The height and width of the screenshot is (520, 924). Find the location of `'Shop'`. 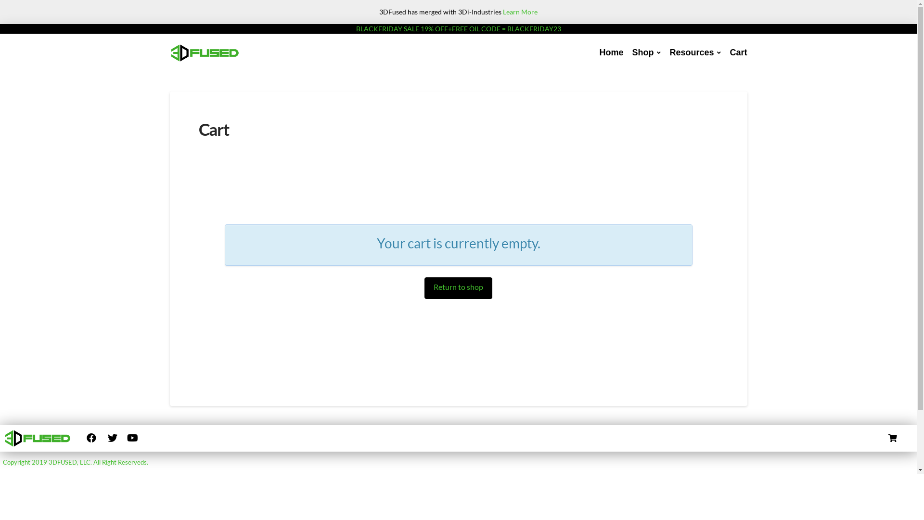

'Shop' is located at coordinates (628, 53).